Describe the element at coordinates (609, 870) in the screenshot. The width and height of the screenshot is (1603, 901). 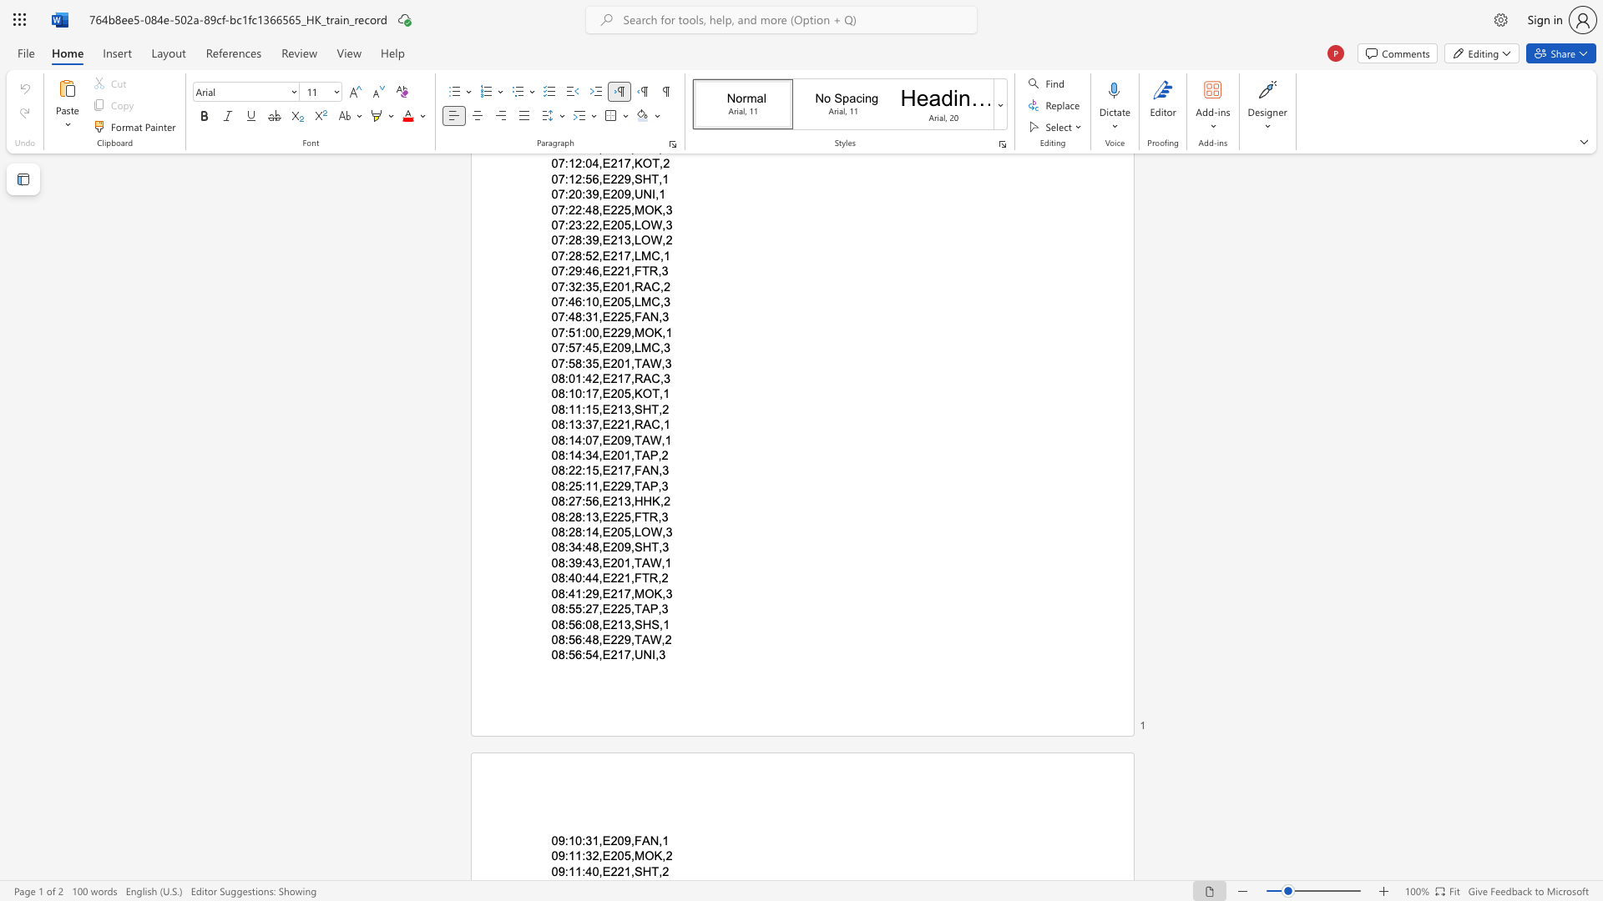
I see `the subset text "221,S" within the text "09:11:40,E221,SHT,2"` at that location.